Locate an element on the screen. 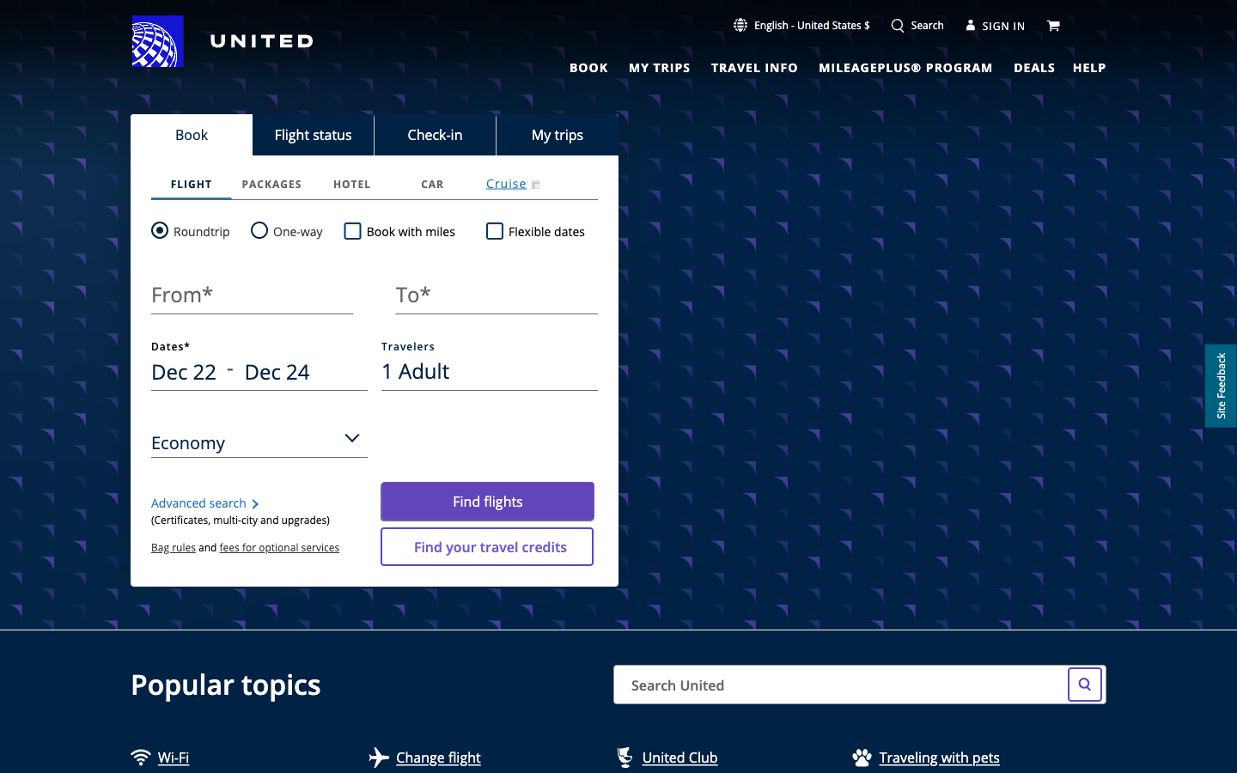  Search for Tickets to Taiwan is located at coordinates (1087, 686).